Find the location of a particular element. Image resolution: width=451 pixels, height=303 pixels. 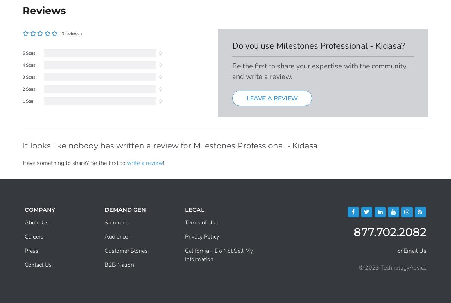

'Company' is located at coordinates (39, 209).